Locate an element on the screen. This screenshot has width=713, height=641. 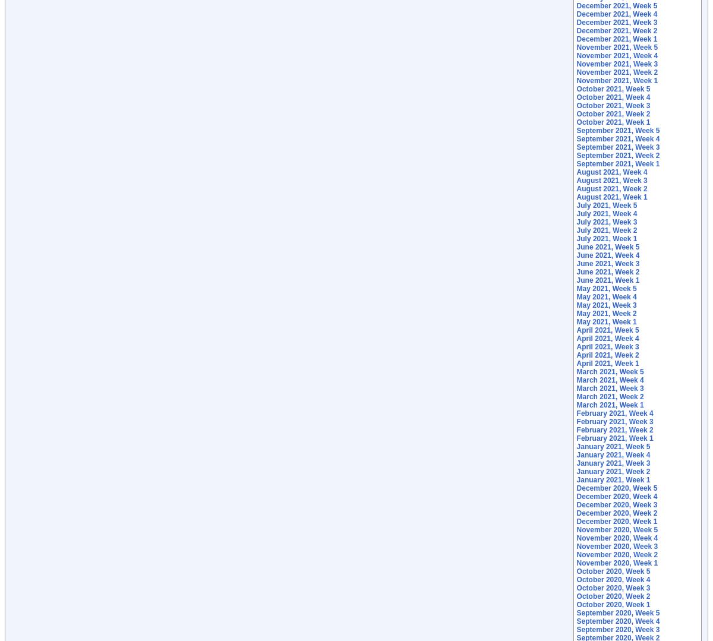
'April 2021, Week 3' is located at coordinates (607, 346).